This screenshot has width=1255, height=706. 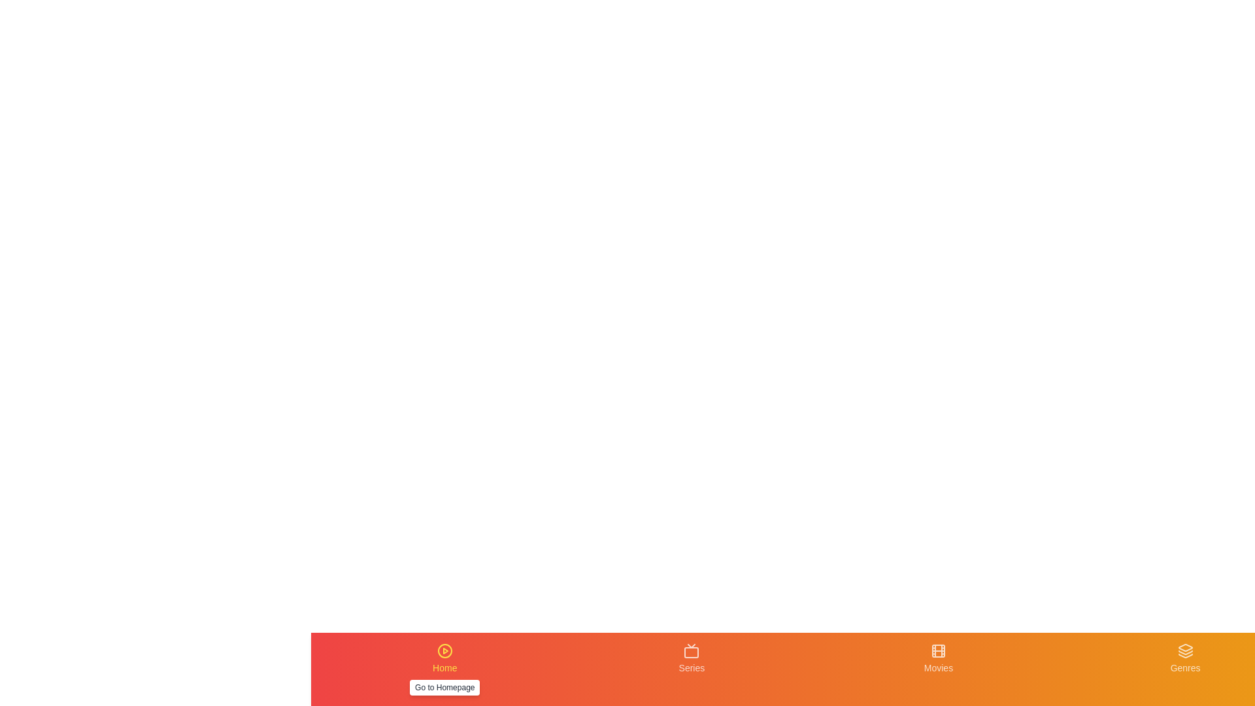 What do you see at coordinates (691, 669) in the screenshot?
I see `the navigation tab labeled Series` at bounding box center [691, 669].